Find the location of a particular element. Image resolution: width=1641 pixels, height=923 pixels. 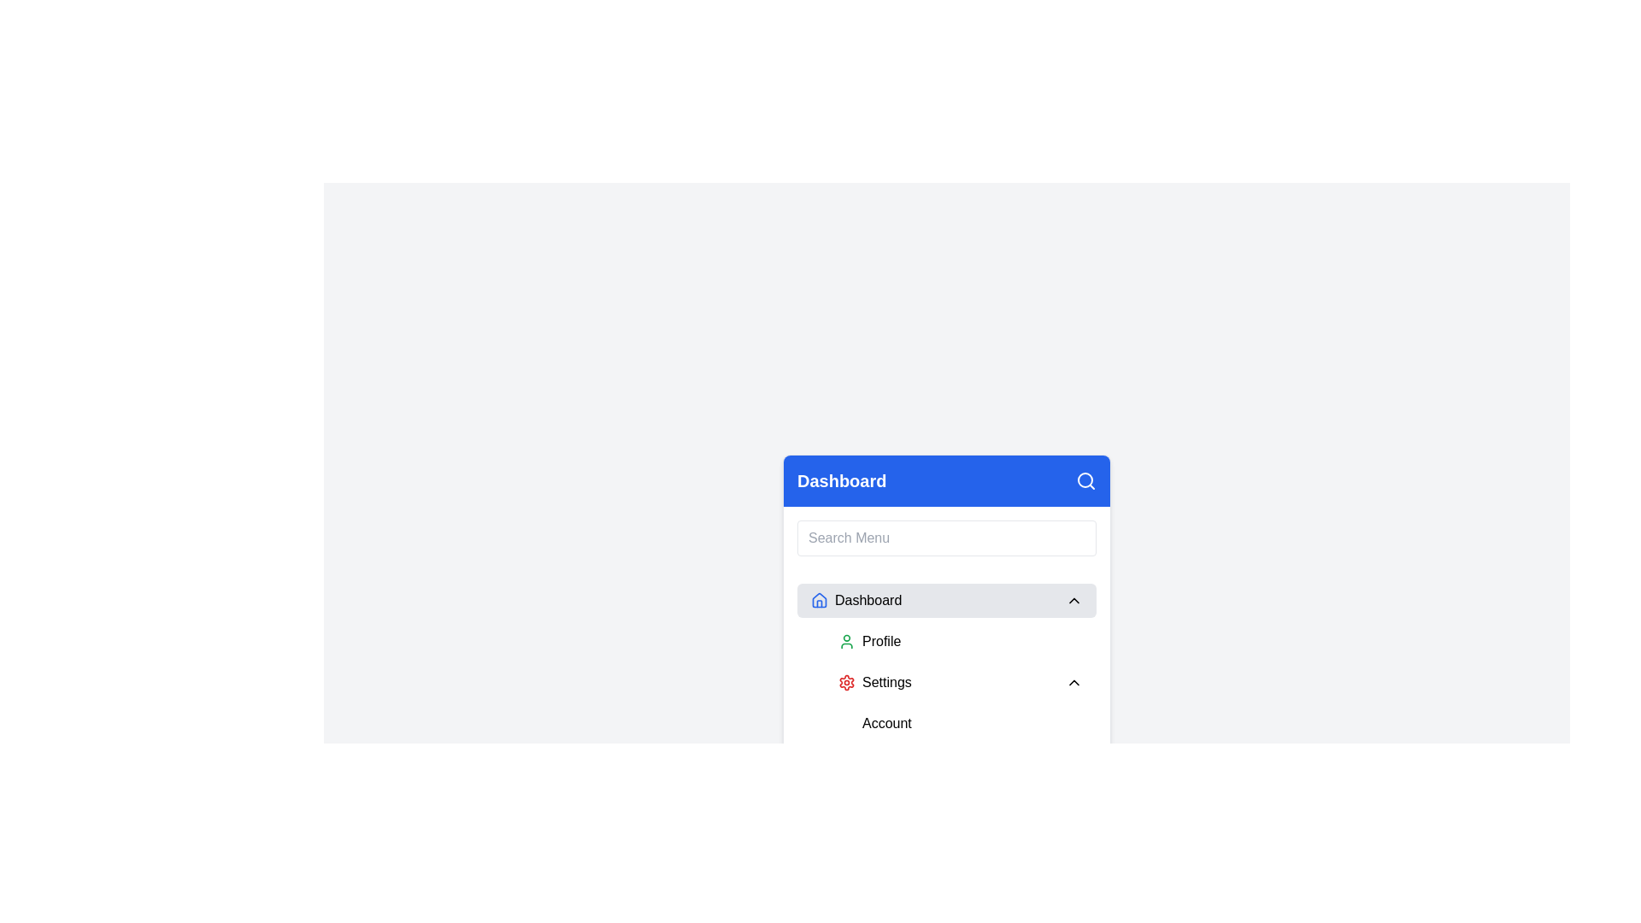

the navigation button for accessing the Profile section located in the dropdown menu under the 'Dashboard' section, positioned before the 'Settings' menu item is located at coordinates (869, 642).